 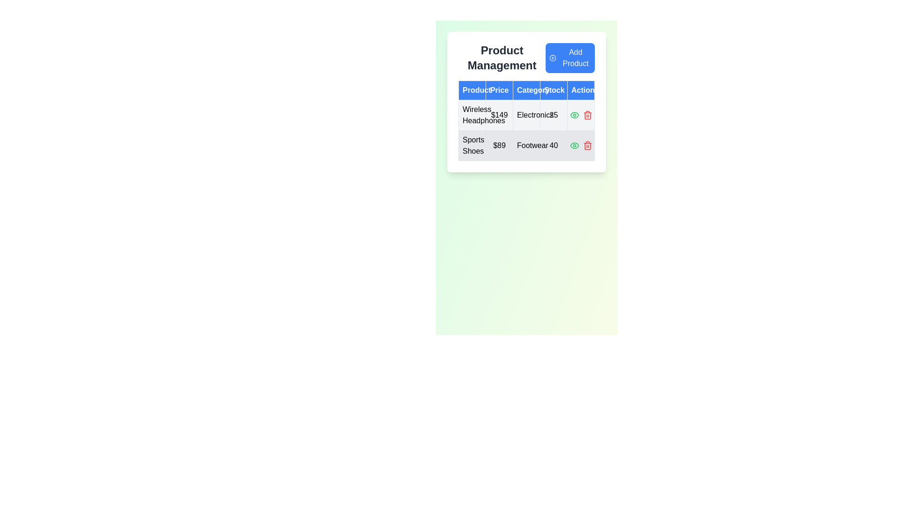 I want to click on the Icon button located, so click(x=574, y=115).